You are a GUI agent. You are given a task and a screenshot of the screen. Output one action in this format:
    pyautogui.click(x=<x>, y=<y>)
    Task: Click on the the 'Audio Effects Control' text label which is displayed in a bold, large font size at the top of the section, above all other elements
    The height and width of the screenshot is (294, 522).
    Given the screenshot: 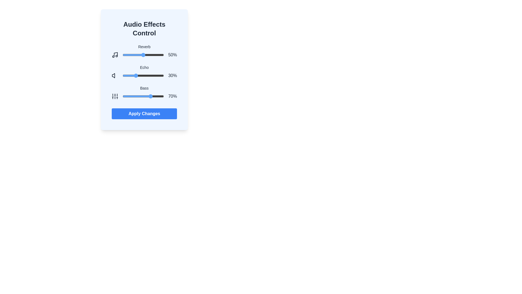 What is the action you would take?
    pyautogui.click(x=144, y=29)
    